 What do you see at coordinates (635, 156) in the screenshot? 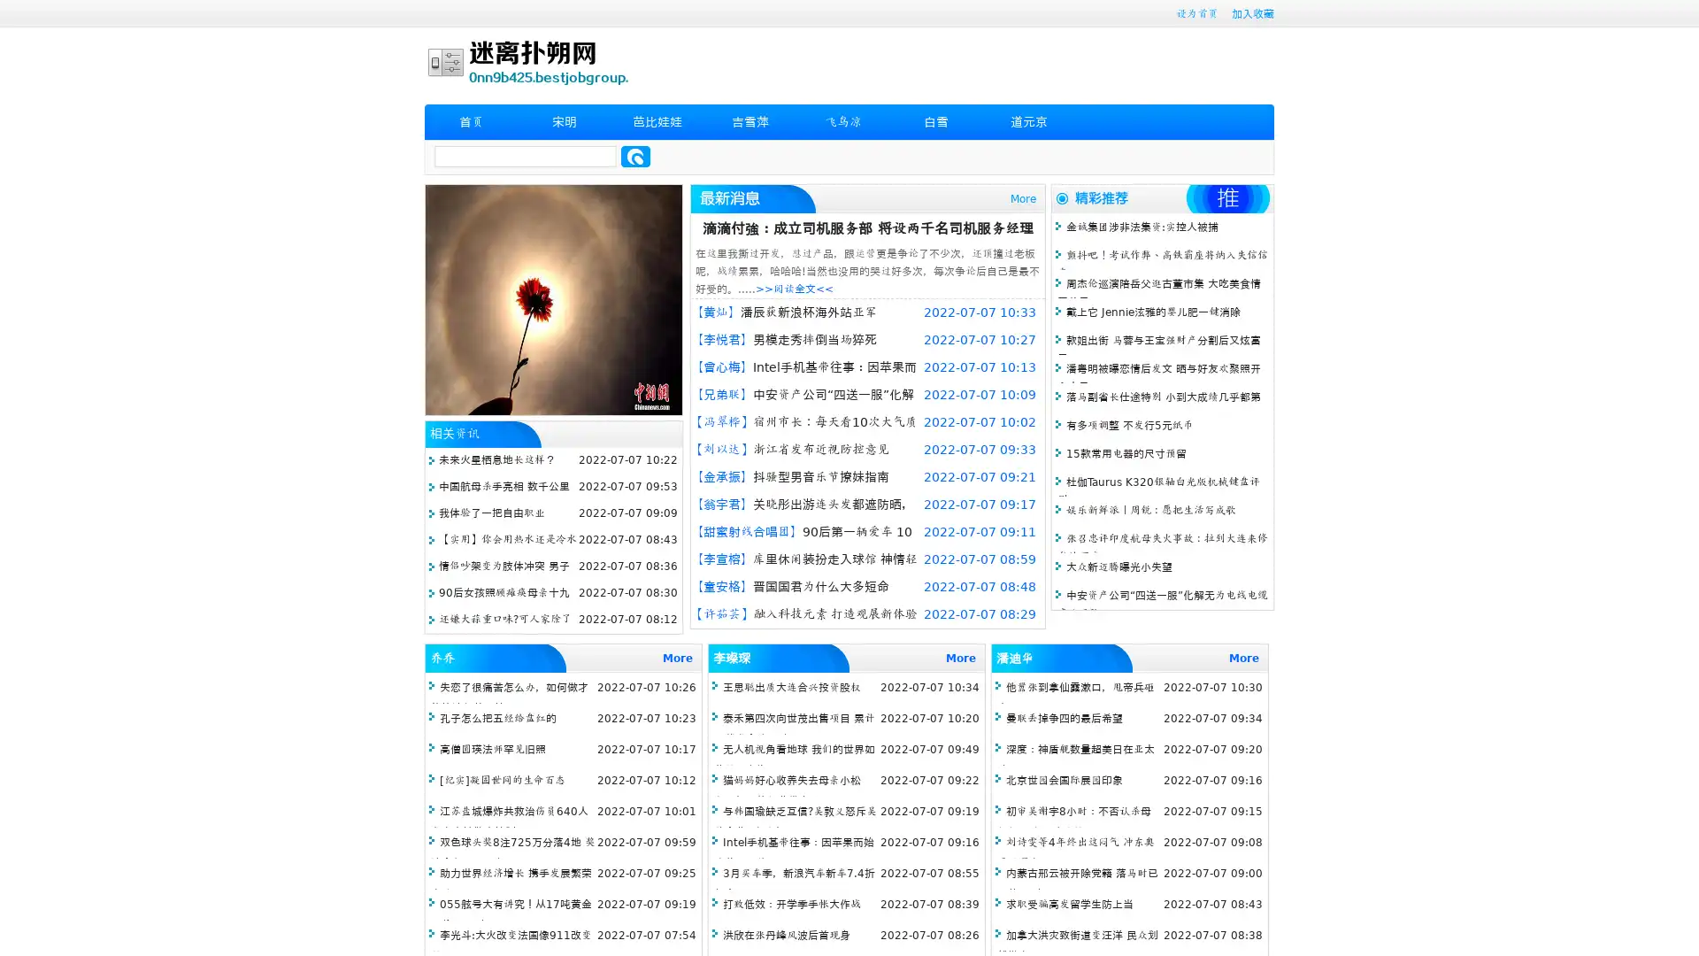
I see `Search` at bounding box center [635, 156].